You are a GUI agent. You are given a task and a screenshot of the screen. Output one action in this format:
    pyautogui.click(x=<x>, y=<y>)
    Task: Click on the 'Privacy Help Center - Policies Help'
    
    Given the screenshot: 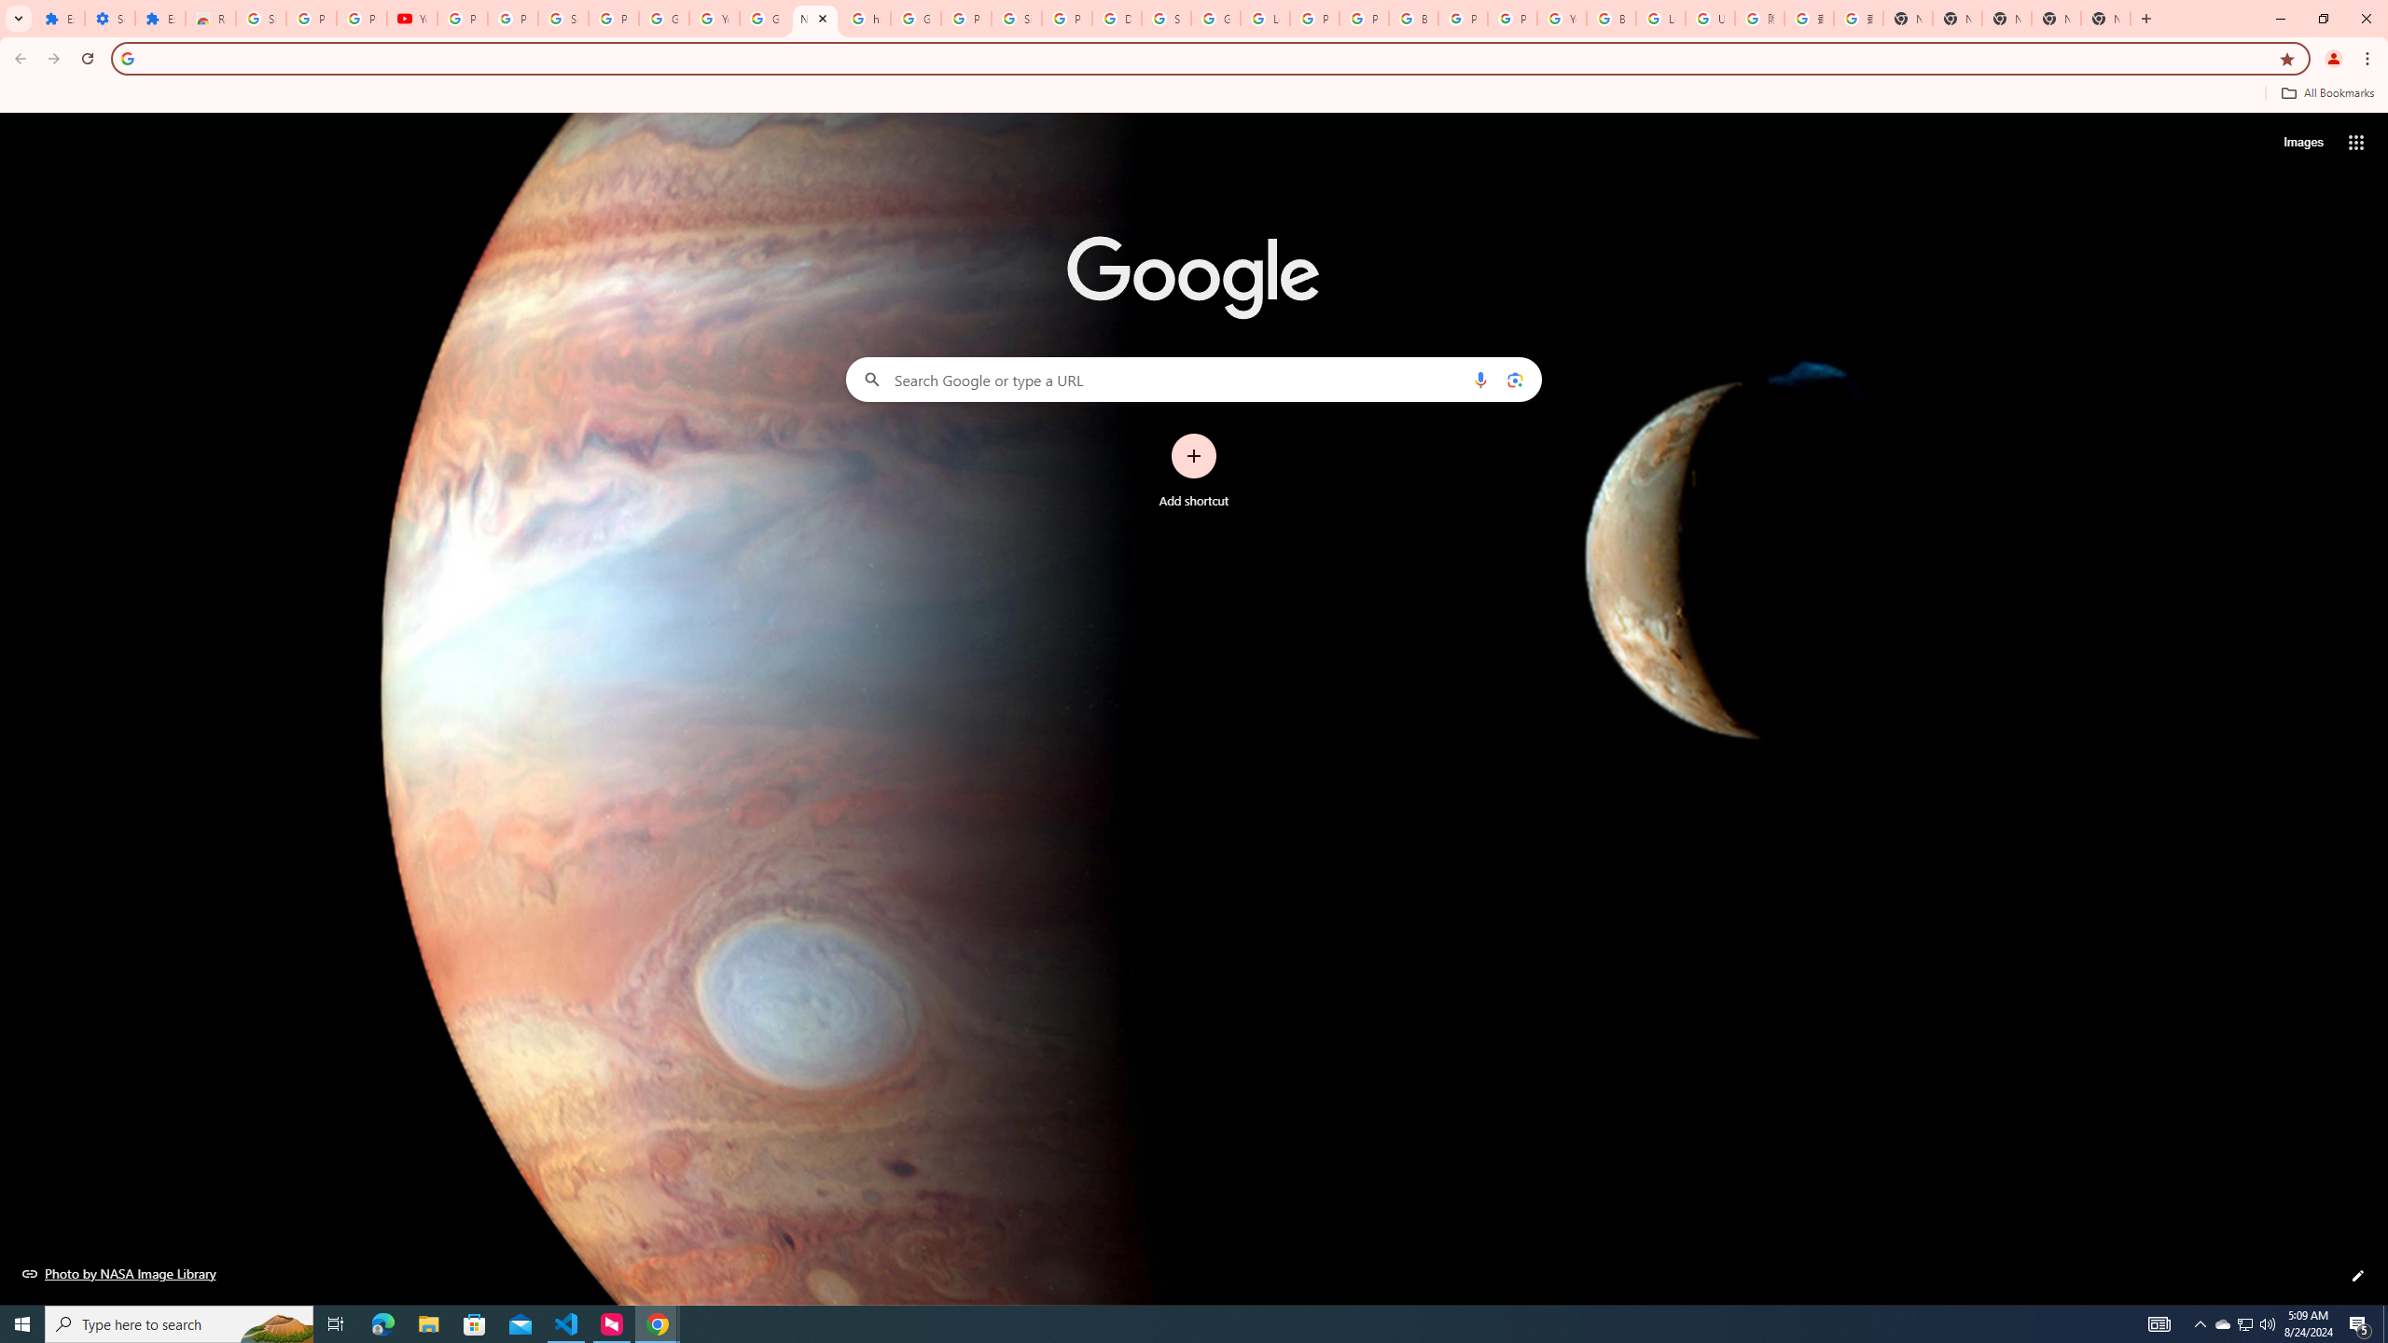 What is the action you would take?
    pyautogui.click(x=1362, y=18)
    